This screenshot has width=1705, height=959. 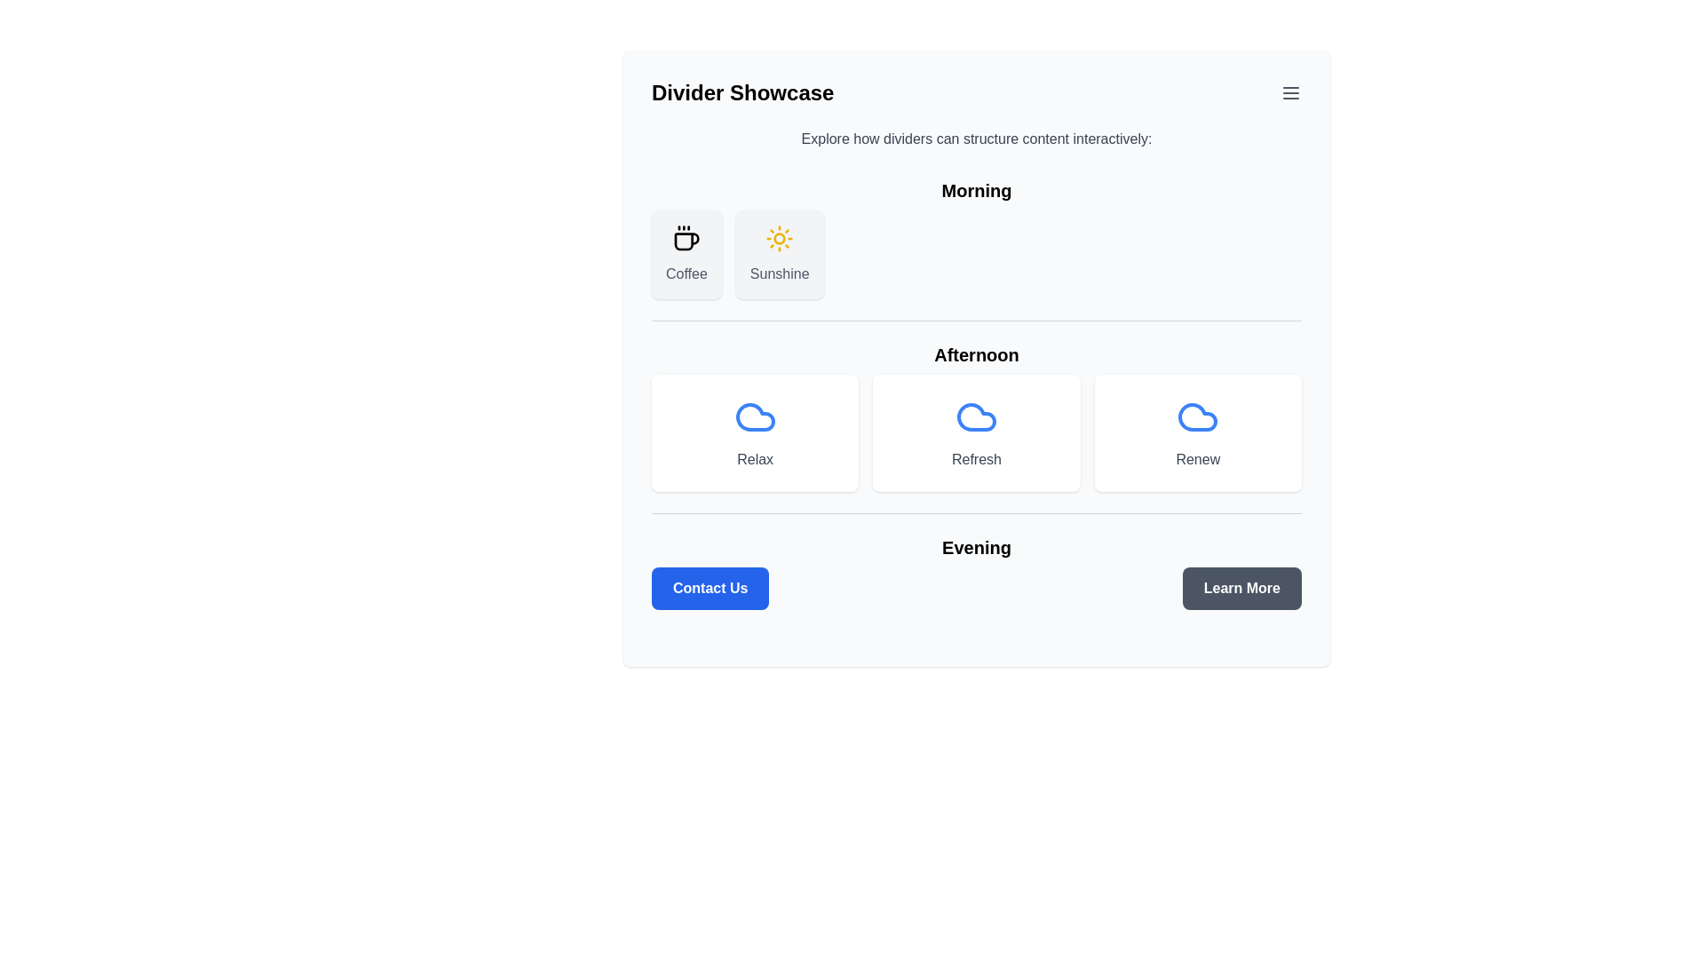 I want to click on the text header displaying the word 'Evening' in bold font, which is centered above the 'Contact Us' and 'Learn More' buttons, so click(x=975, y=547).